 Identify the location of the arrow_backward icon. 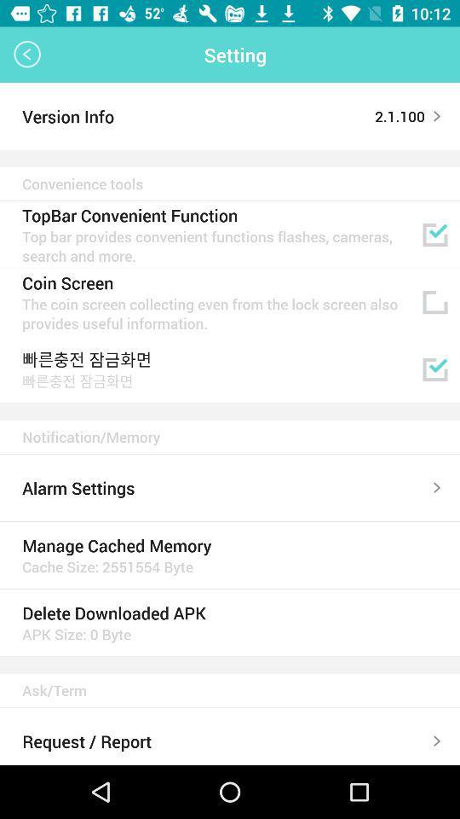
(26, 55).